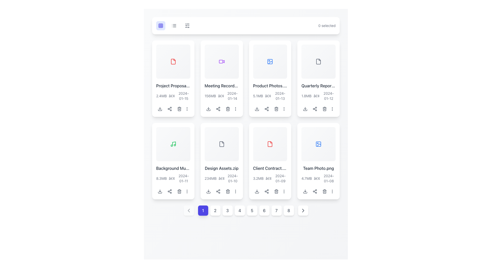 This screenshot has width=490, height=275. What do you see at coordinates (324, 108) in the screenshot?
I see `the trash can button in the bottom-right corner of the 'Quarterly Report' card` at bounding box center [324, 108].